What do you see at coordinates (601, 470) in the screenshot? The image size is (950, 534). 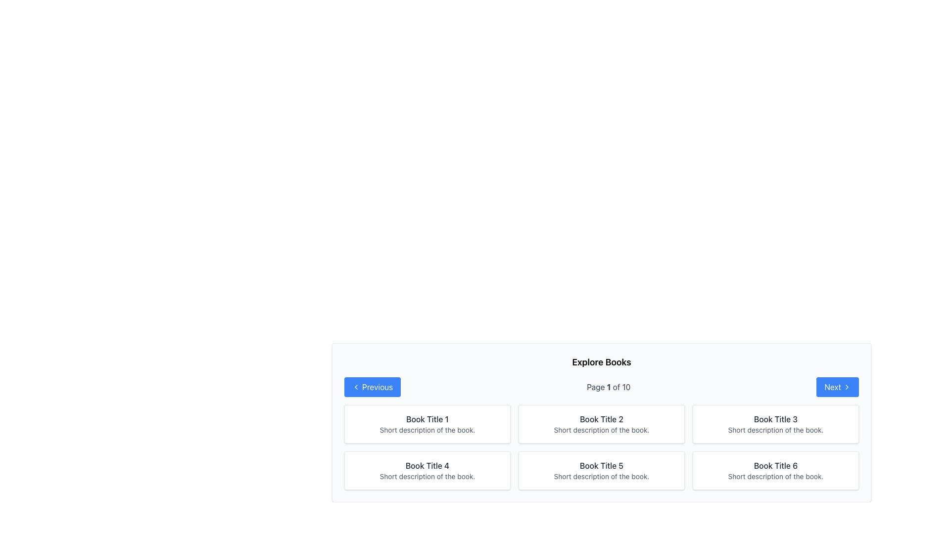 I see `the rectangular card displaying 'Book Title 5' with a white background and rounded corners, located in the second row and second column of the grid layout` at bounding box center [601, 470].